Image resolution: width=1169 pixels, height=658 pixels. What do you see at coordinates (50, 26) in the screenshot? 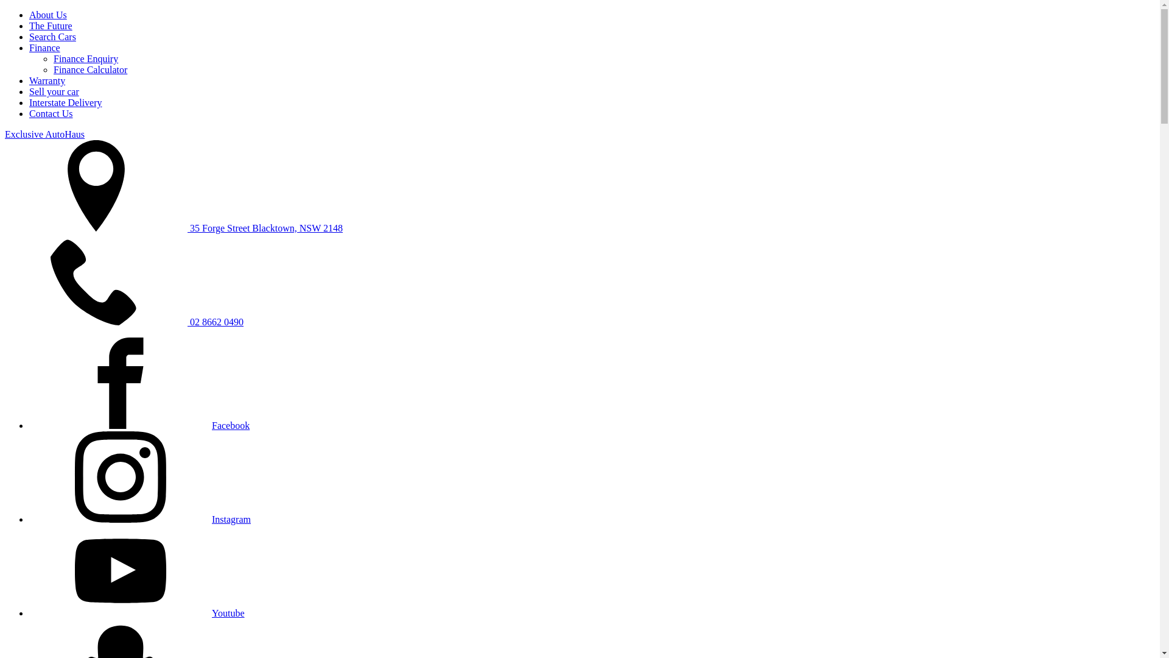
I see `'The Future'` at bounding box center [50, 26].